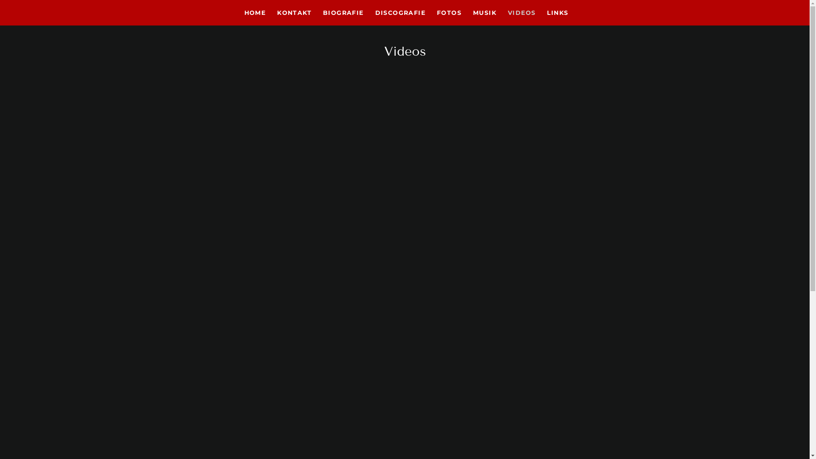 This screenshot has height=459, width=816. What do you see at coordinates (238, 13) in the screenshot?
I see `'HOME'` at bounding box center [238, 13].